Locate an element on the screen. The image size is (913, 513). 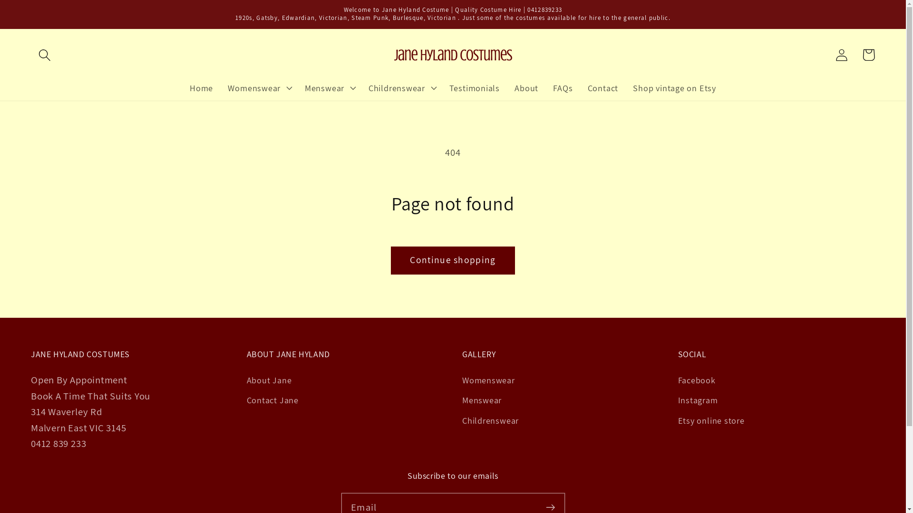
'Contact Jane' is located at coordinates (272, 400).